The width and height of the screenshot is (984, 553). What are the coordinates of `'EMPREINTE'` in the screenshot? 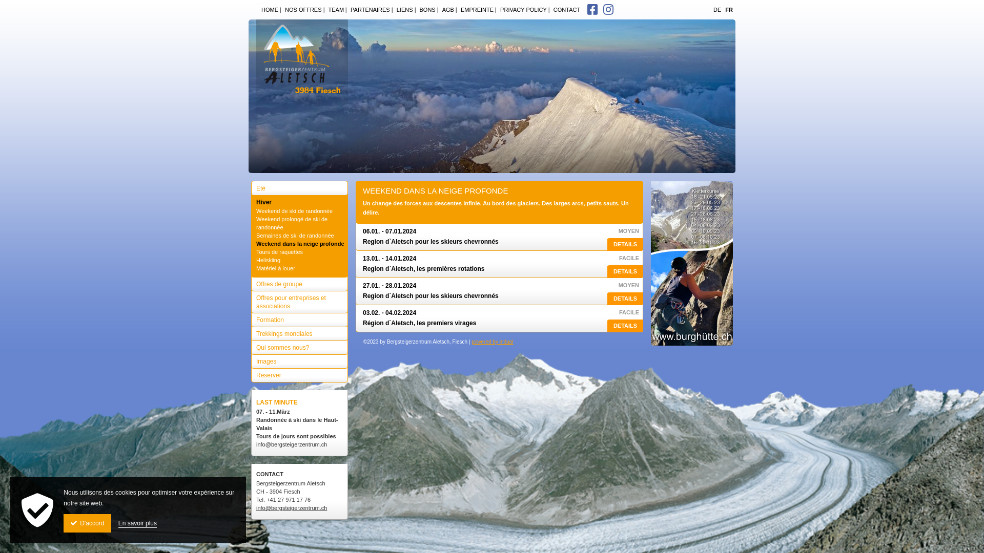 It's located at (455, 10).